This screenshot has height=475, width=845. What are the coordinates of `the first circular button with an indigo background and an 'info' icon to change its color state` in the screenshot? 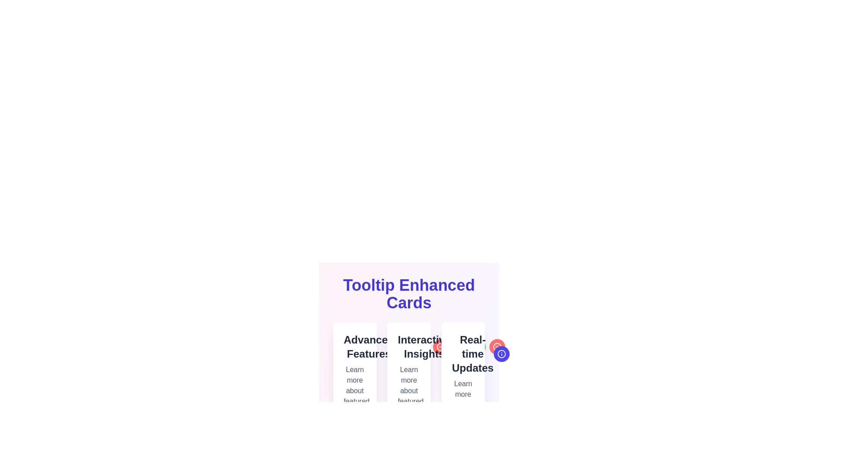 It's located at (458, 347).